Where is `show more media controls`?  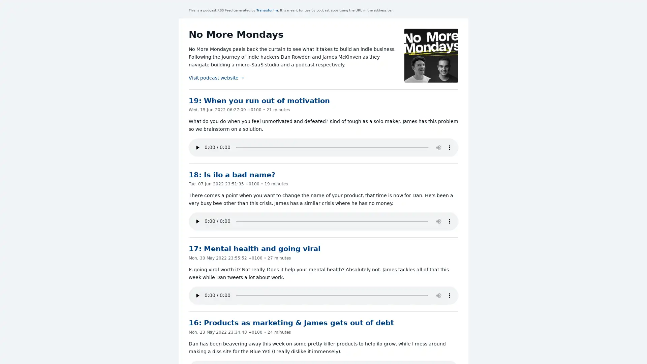
show more media controls is located at coordinates (450, 147).